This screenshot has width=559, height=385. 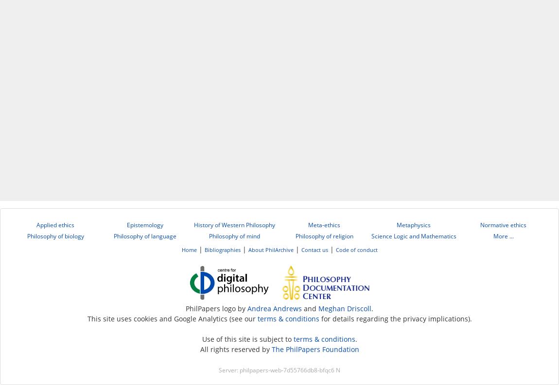 I want to click on 'Server: philpapers-web-7d55766db8-bfqc6 N', so click(x=279, y=370).